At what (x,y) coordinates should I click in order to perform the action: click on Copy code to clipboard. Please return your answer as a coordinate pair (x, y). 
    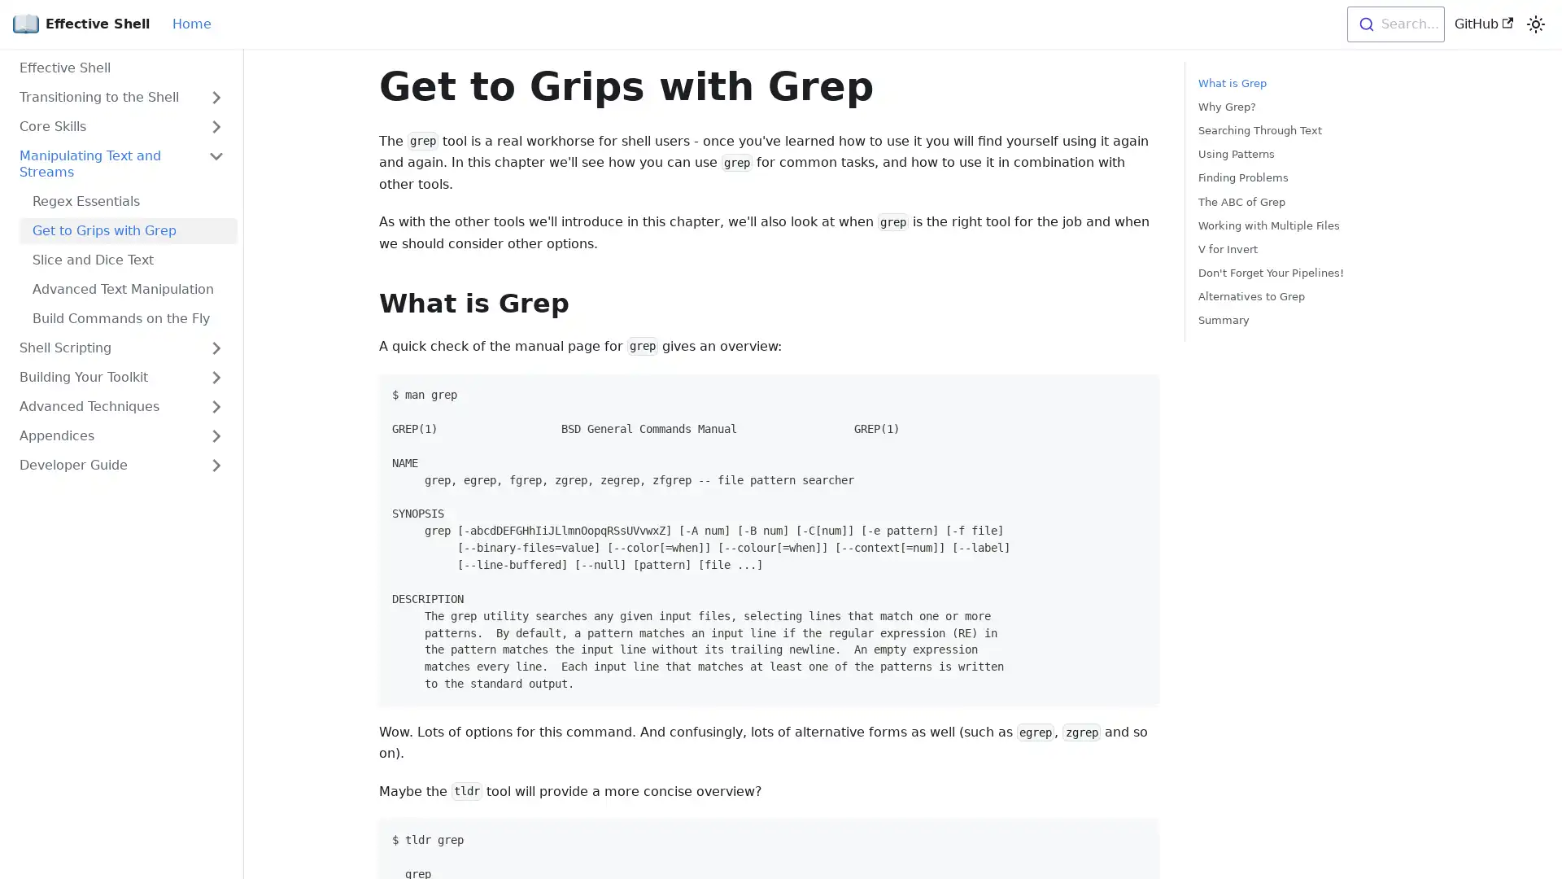
    Looking at the image, I should click on (1137, 838).